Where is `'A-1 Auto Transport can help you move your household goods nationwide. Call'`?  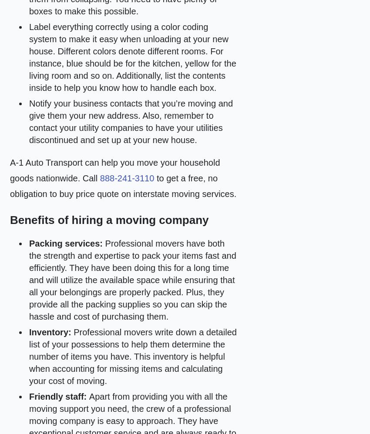
'A-1 Auto Transport can help you move your household goods nationwide. Call' is located at coordinates (114, 170).